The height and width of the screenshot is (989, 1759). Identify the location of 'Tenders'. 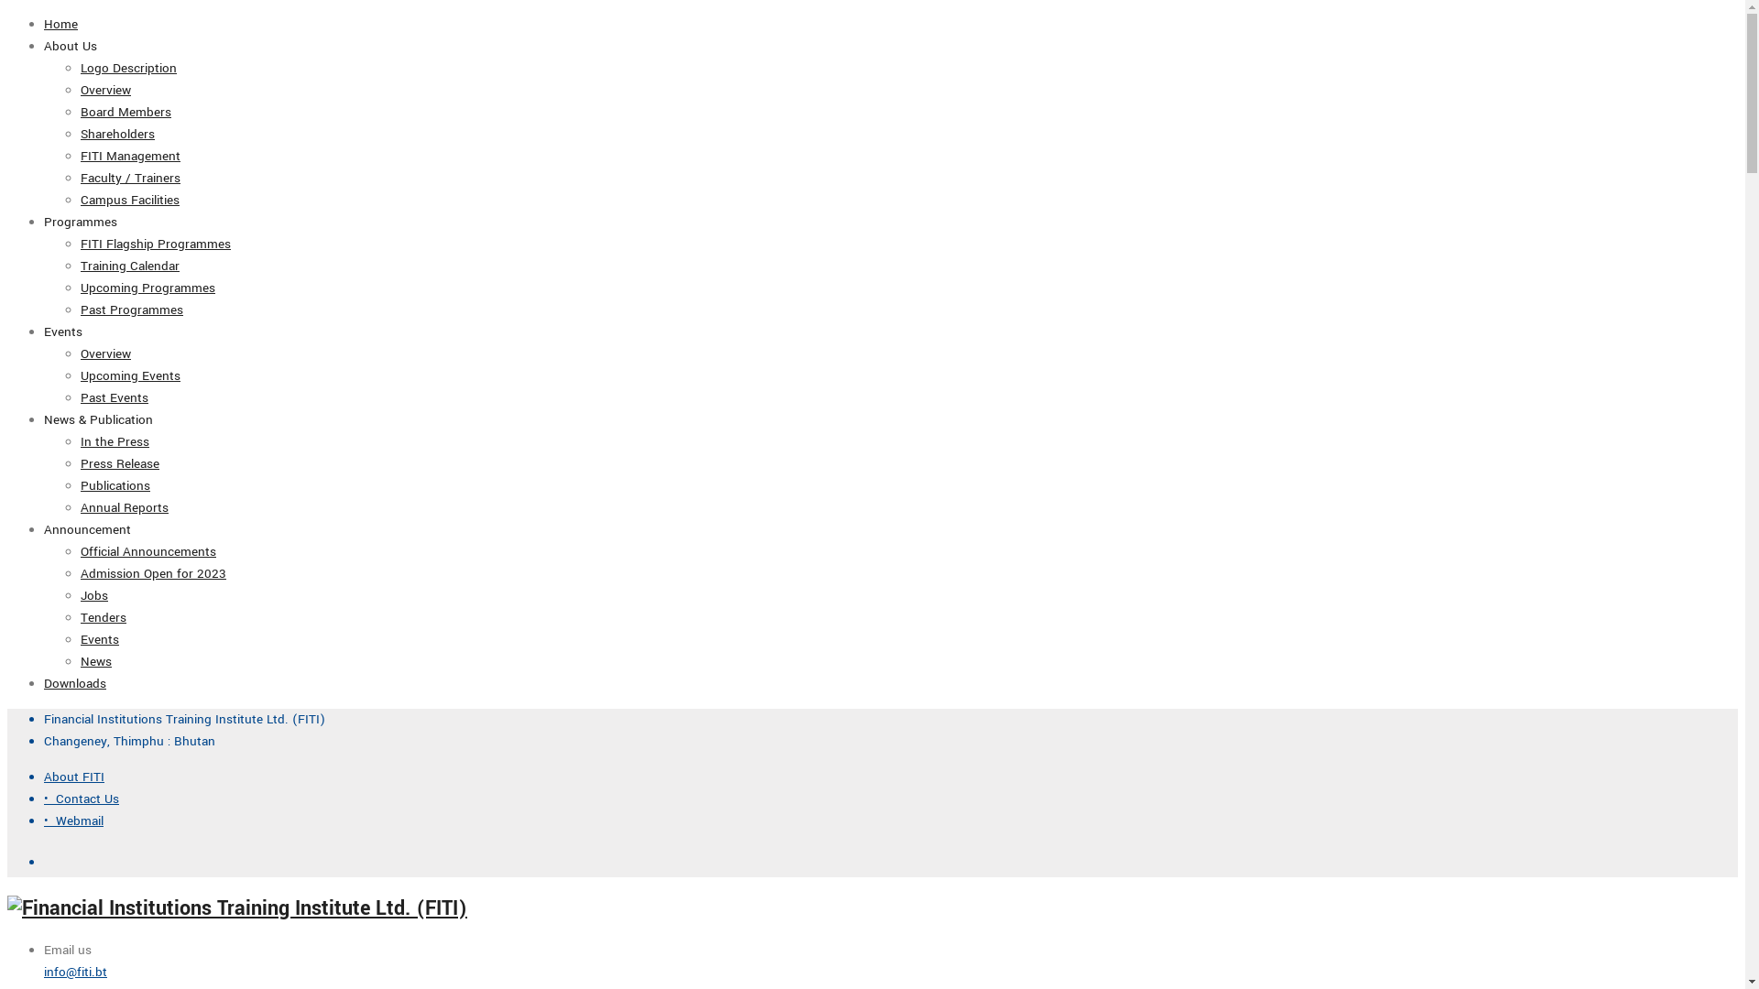
(103, 617).